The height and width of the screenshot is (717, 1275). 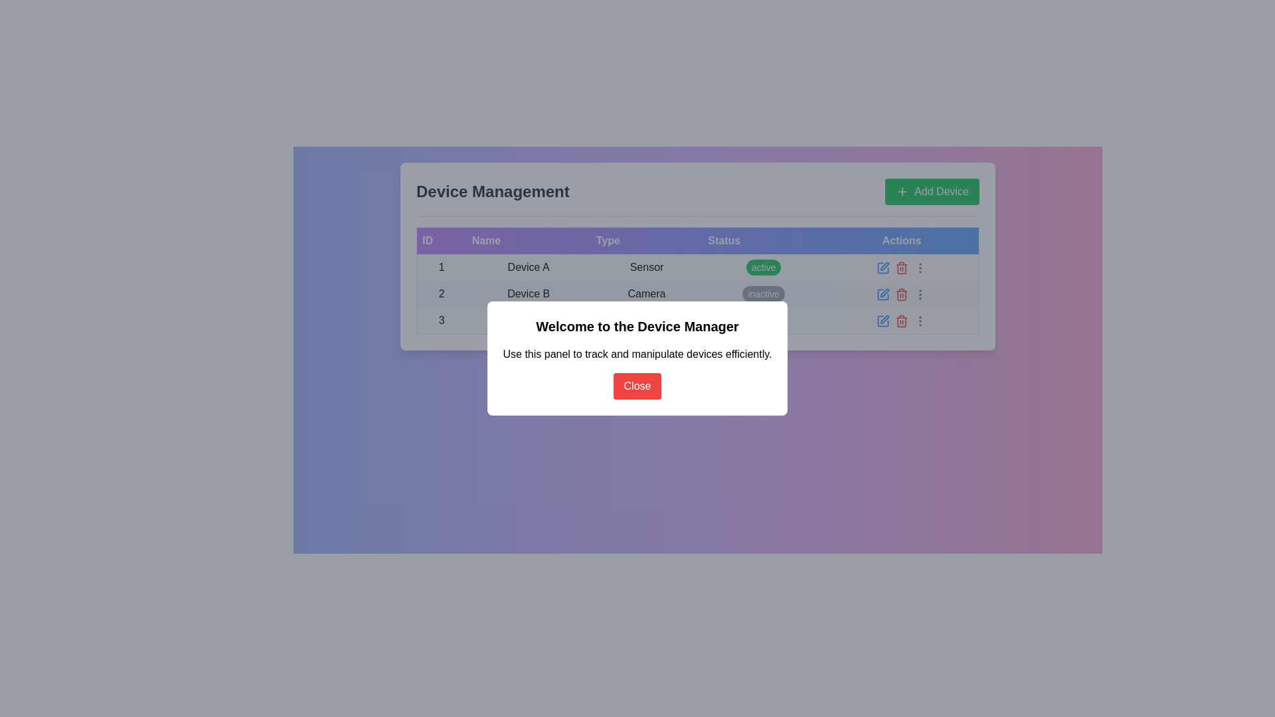 I want to click on the static text label displaying the word 'Actions', which is the fifth element in the header row, set against a blue background, so click(x=902, y=240).